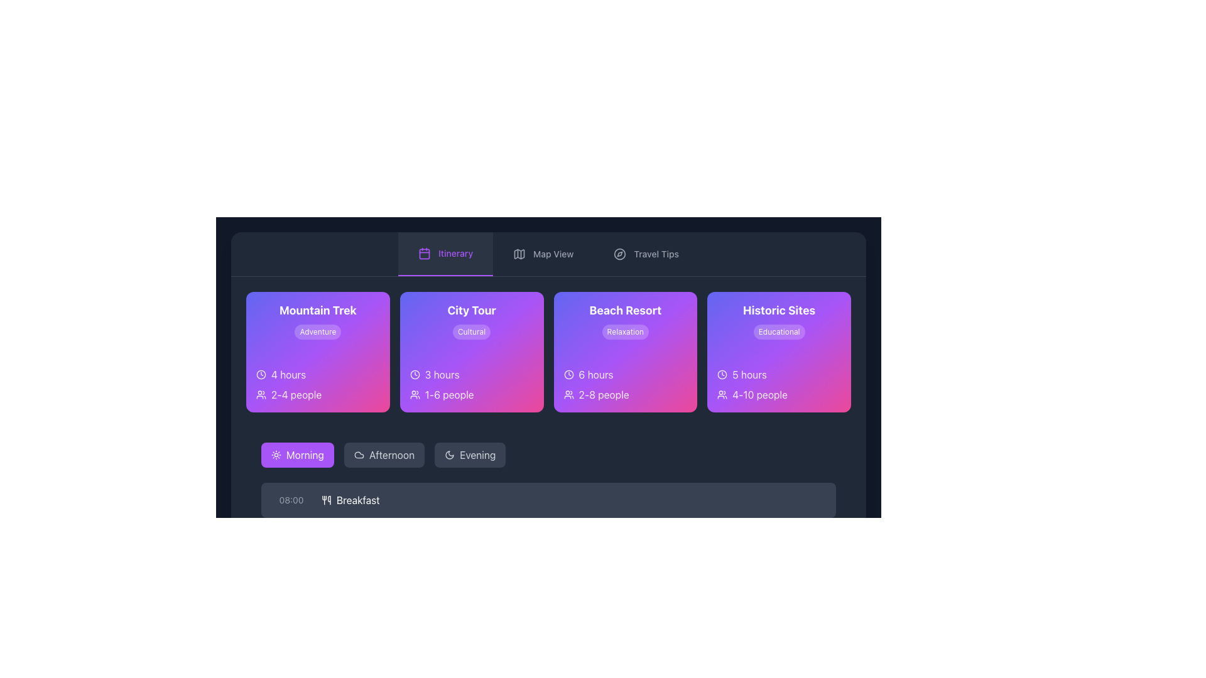  Describe the element at coordinates (326, 500) in the screenshot. I see `the dining icon located` at that location.